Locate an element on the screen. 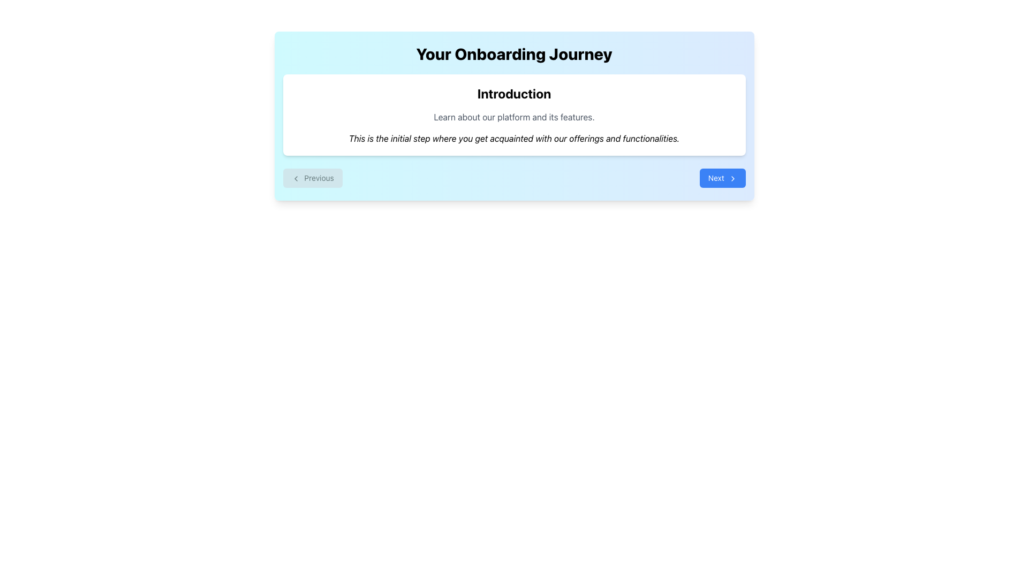 The width and height of the screenshot is (1028, 578). the Informational card titled 'Introduction' which contains a subtitle and an italicized text, located in the center of the gradient background is located at coordinates (514, 115).